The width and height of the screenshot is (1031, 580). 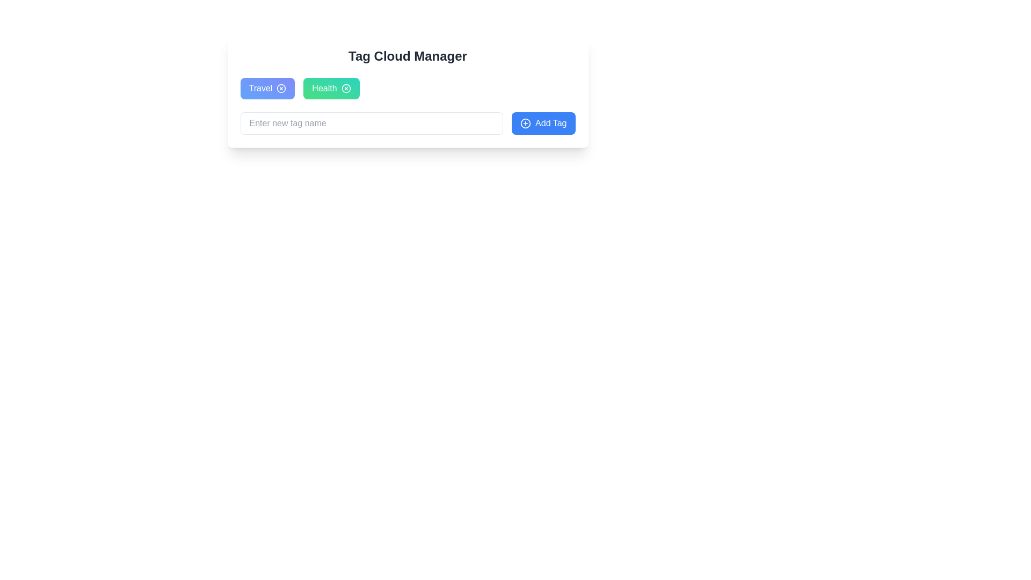 What do you see at coordinates (267, 88) in the screenshot?
I see `the 'Travel' tag button-like component` at bounding box center [267, 88].